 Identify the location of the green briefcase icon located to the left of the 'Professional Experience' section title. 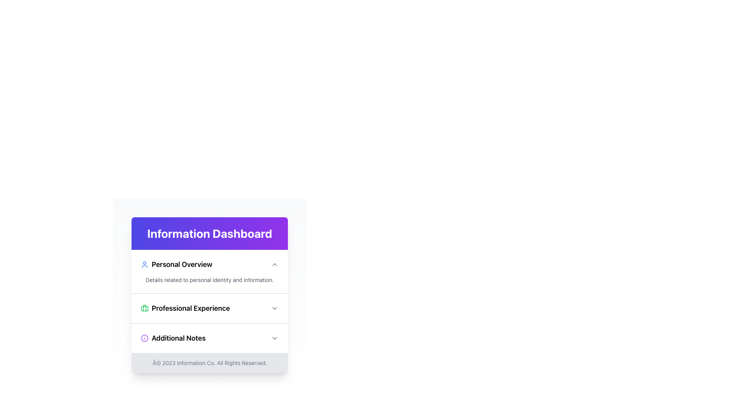
(145, 308).